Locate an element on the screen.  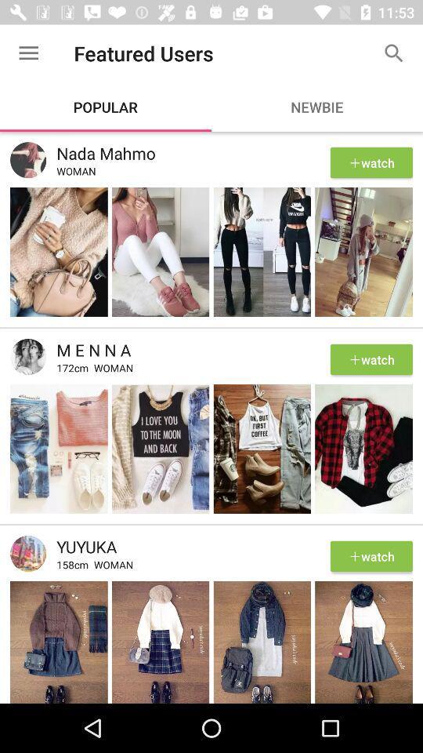
the item next to featured users icon is located at coordinates (28, 53).